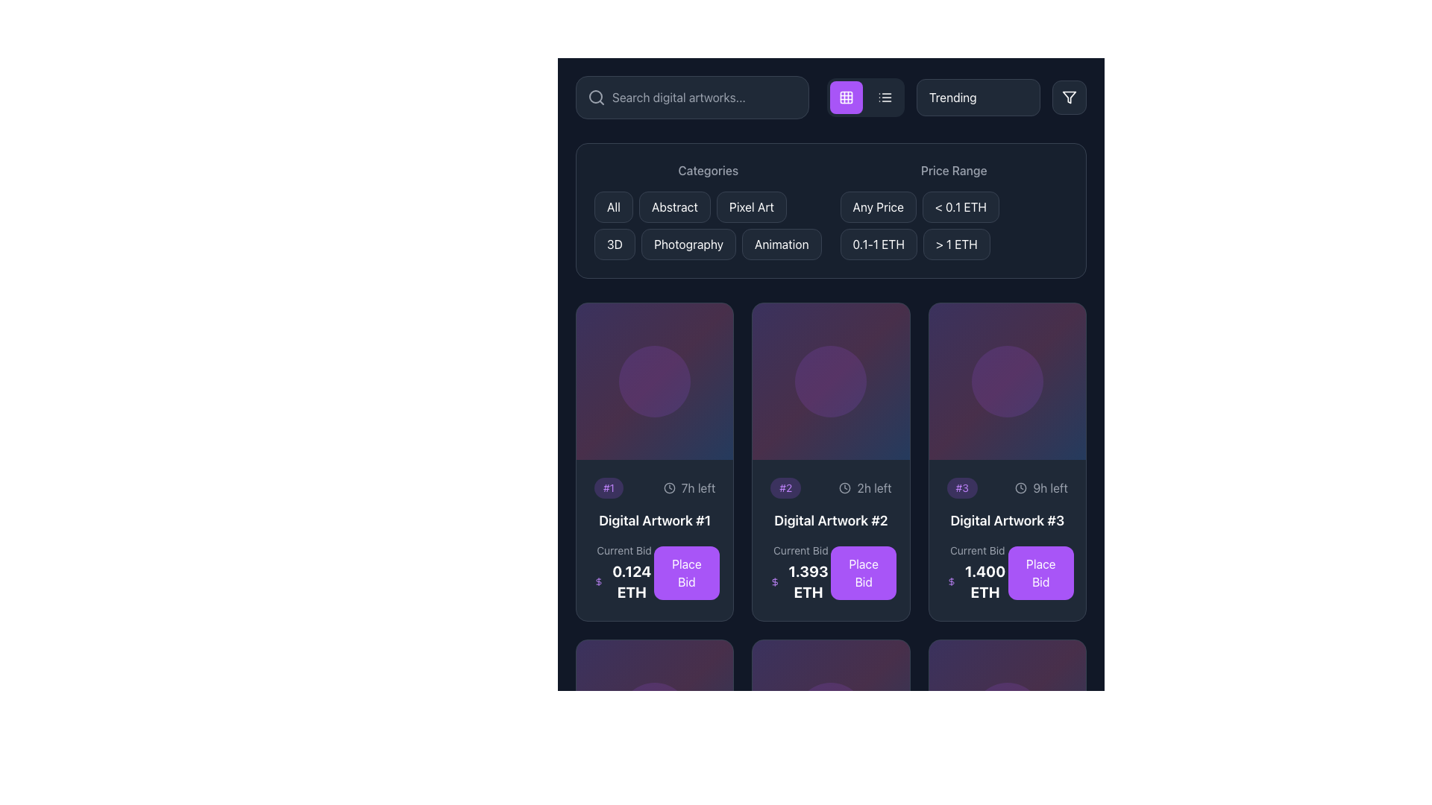  What do you see at coordinates (1007, 540) in the screenshot?
I see `bid price details on the interactive card displaying digital artwork details, which is the third card in a horizontal row` at bounding box center [1007, 540].